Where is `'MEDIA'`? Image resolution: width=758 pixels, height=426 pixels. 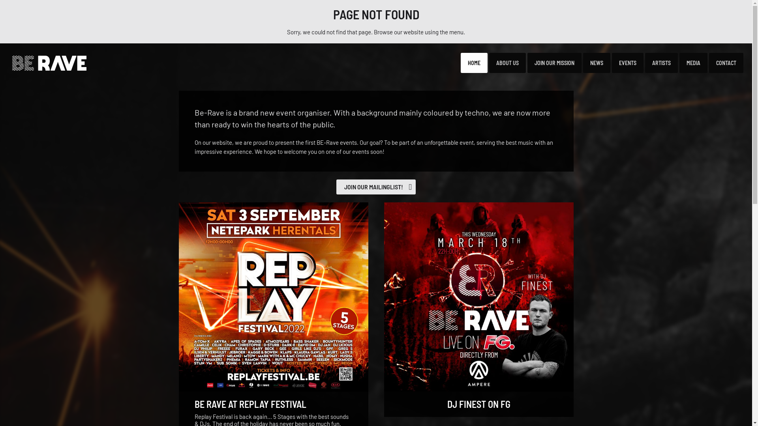 'MEDIA' is located at coordinates (693, 62).